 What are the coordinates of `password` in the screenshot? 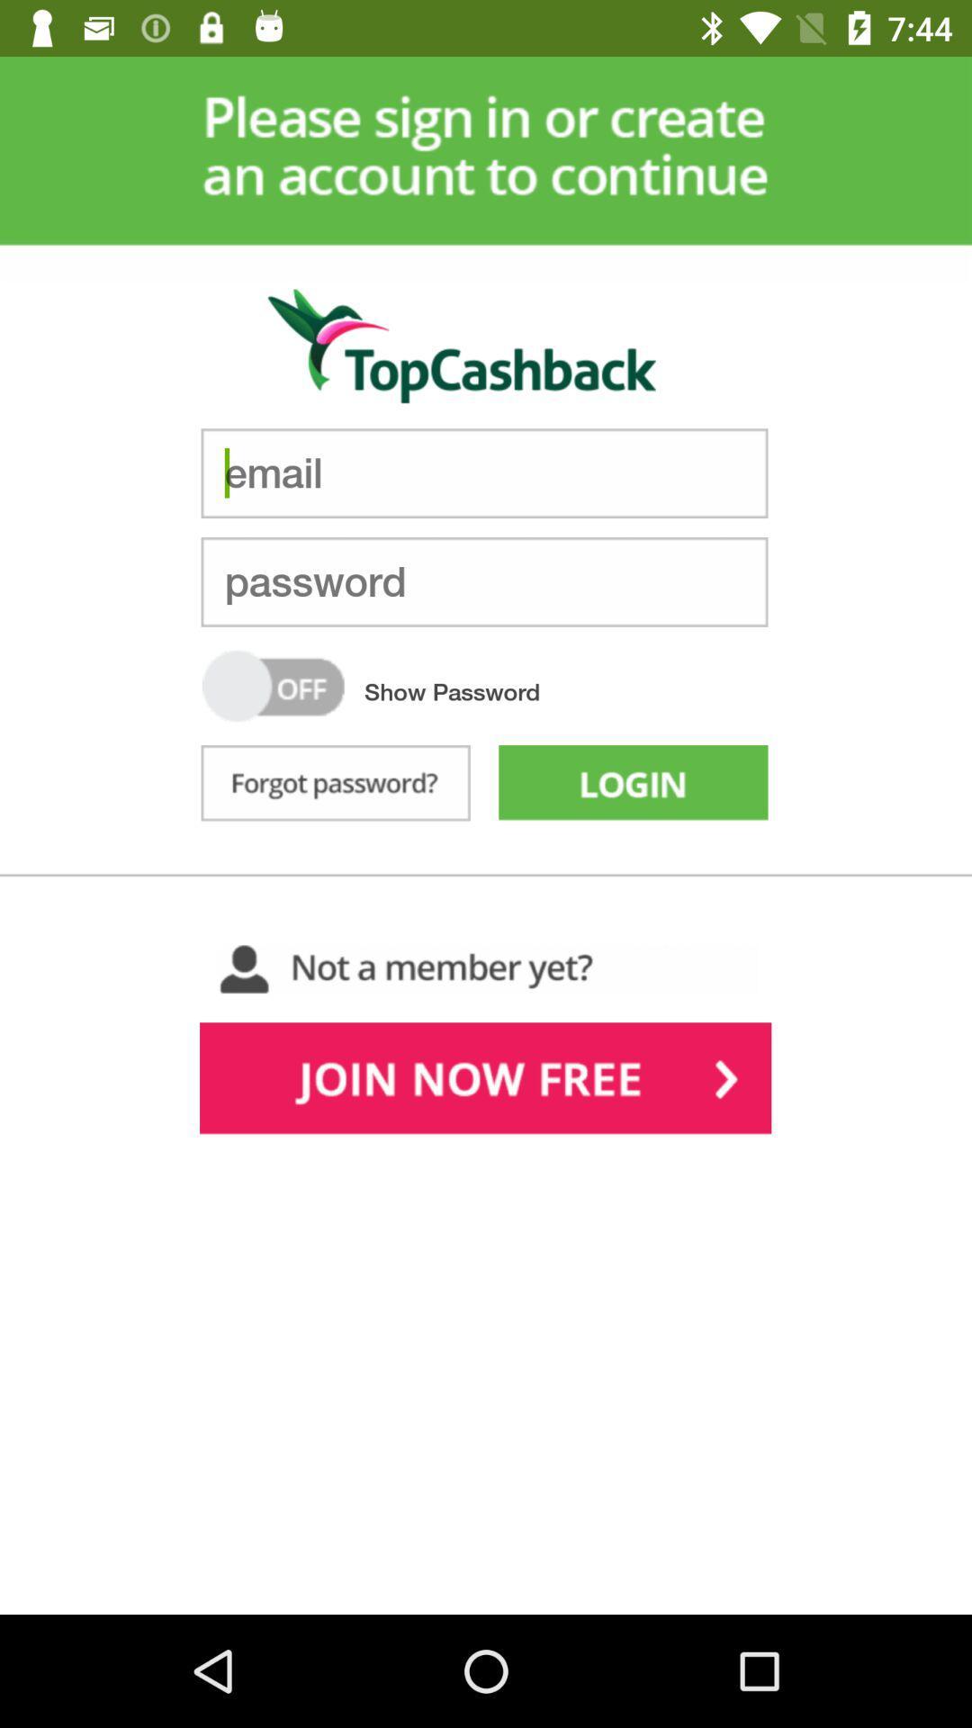 It's located at (483, 581).